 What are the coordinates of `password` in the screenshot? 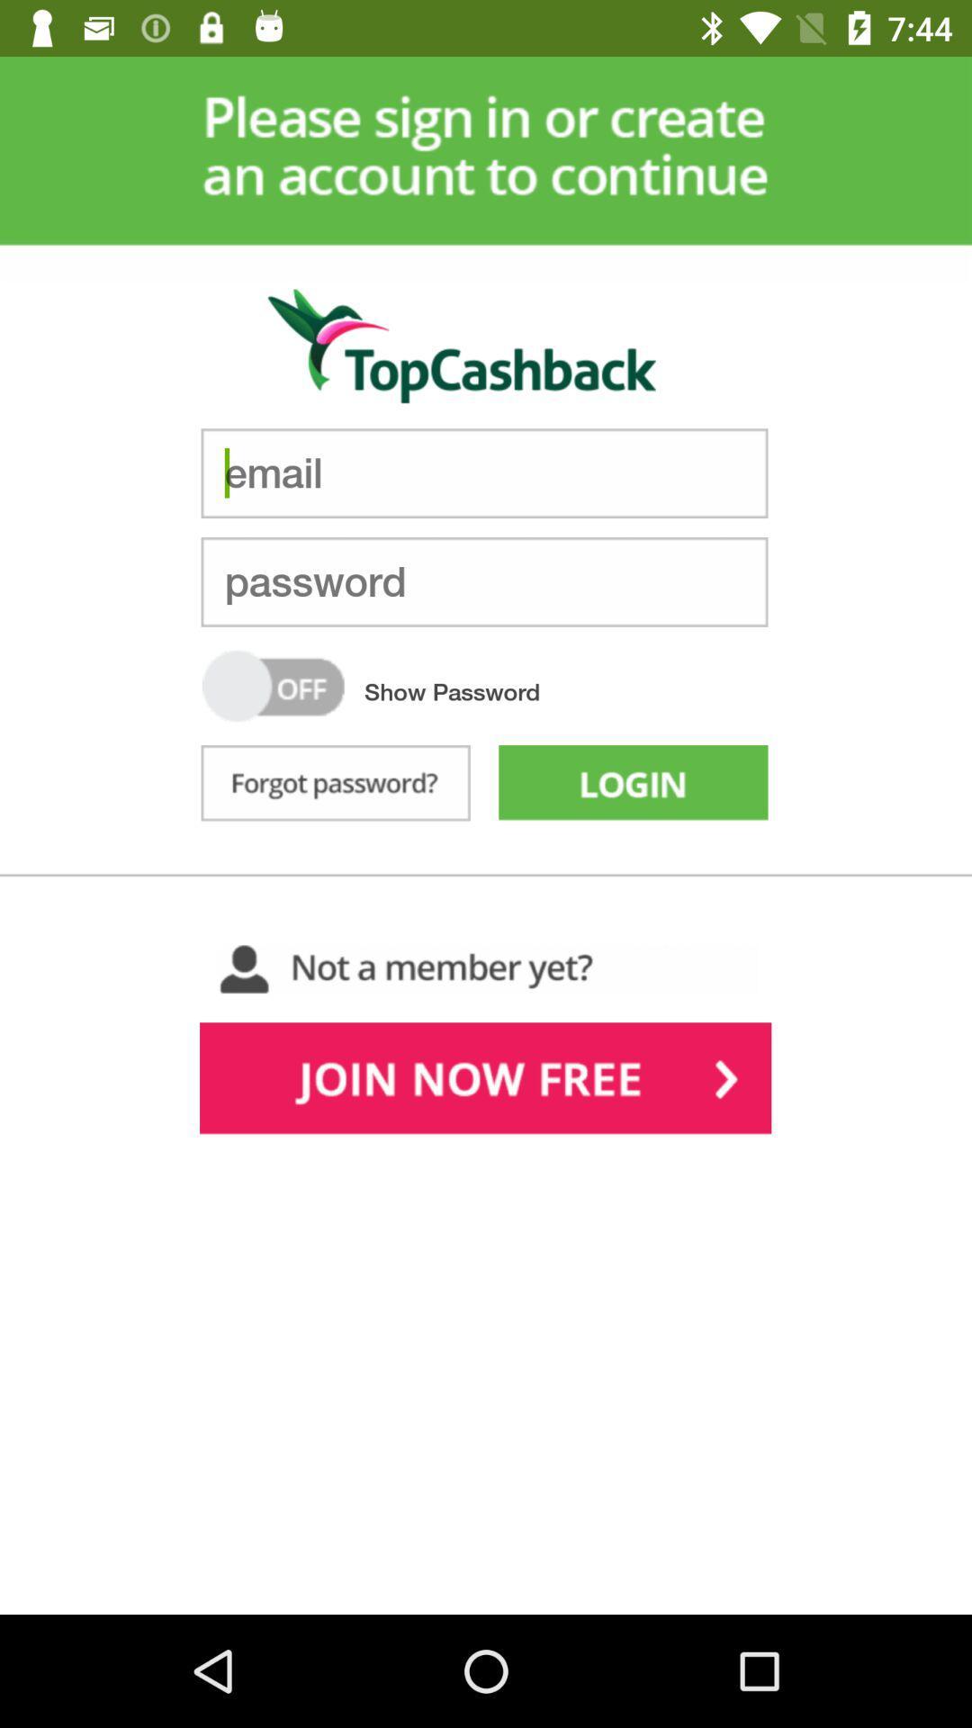 It's located at (483, 581).